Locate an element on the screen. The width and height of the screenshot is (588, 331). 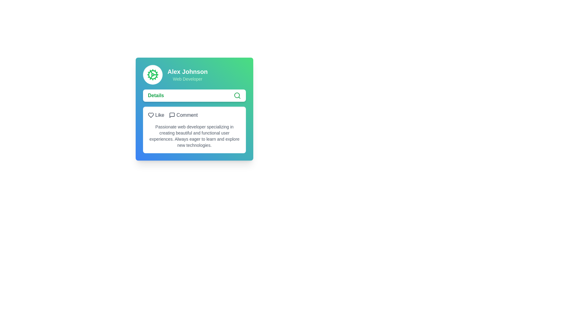
the icons in the interactive menu consisting of 'Like' and 'Comment' buttons is located at coordinates (194, 115).